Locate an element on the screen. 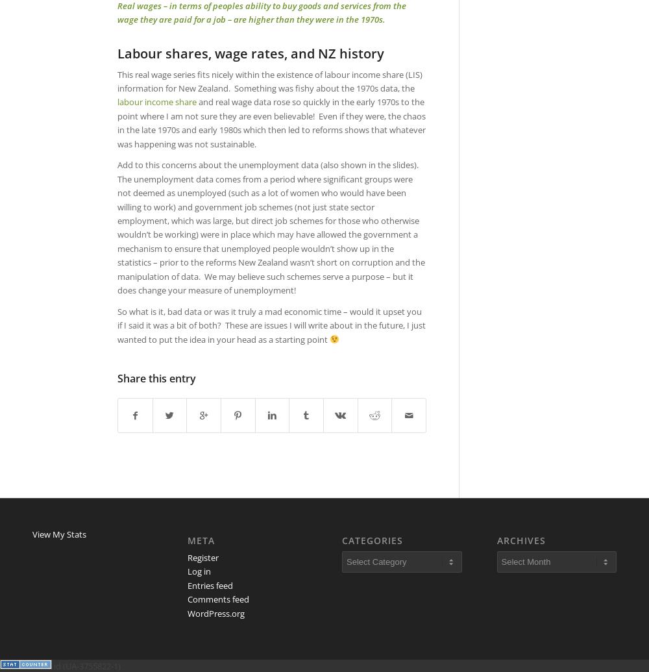 Image resolution: width=649 pixels, height=672 pixels. 'Add to this concerns about the unemployment data (also shown in the slides).  The unemployment data comes from a period where significant groups were not deemed as unemployed (such as a lot of women who would have been willing to work) and government job schemes (not just state sector employment, which was large, but direct job schemes for those who otherwise wouldn’t be working) were in place which may have allowed the government a mechanism to ensure that unemployed people wouldn’t show up in the statistics – prior to the reforms New Zealand wasn’t short on corruption and the manipulation of data.  We may believe such schemes serve a purpose – but it does change your measure of unemployment!' is located at coordinates (271, 227).